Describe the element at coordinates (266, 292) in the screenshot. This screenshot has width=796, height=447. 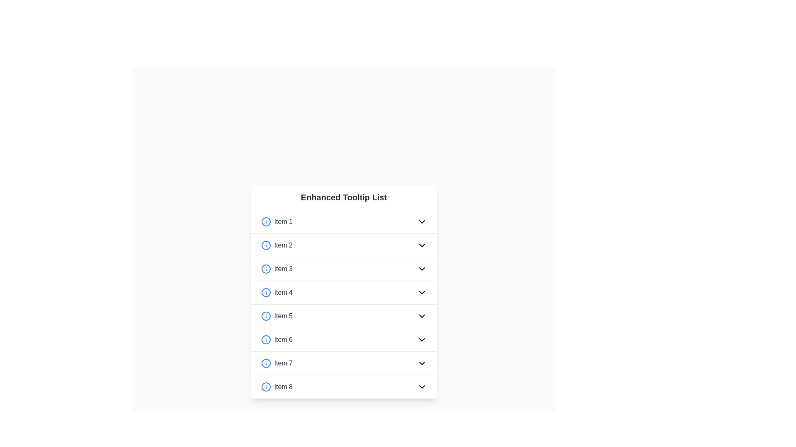
I see `the circular blue outlined icon resembling an information symbol, located at the start of the row labeled 'Item 4'` at that location.